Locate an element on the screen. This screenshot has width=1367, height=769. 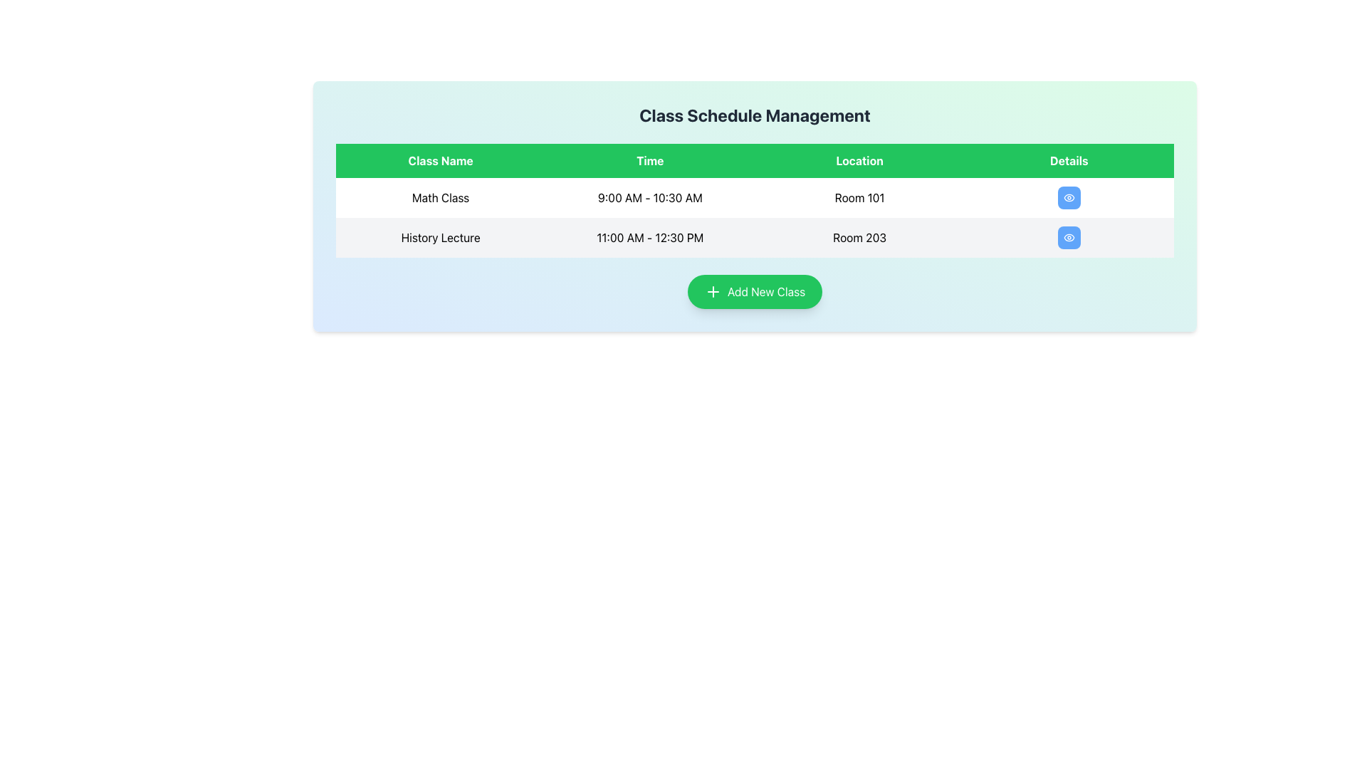
the button that allows the user to add a new class to the schedule, which is centrally located at the bottom of the main content area, directly below the class schedule table is located at coordinates (754, 291).